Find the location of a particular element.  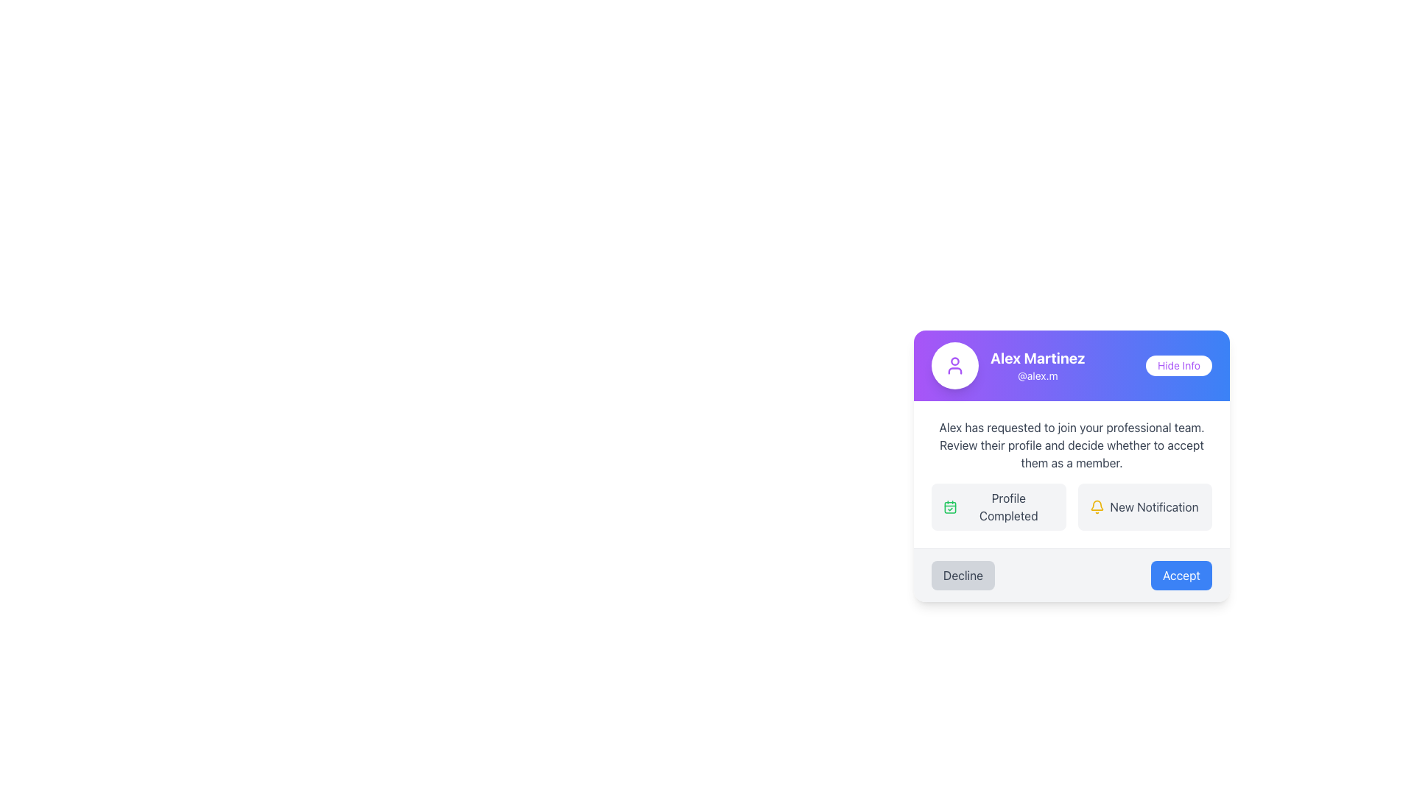

the 'New Notification' text with icon label, which features a yellow bell icon on the left and has a light gray background with rounded corners is located at coordinates (1144, 506).